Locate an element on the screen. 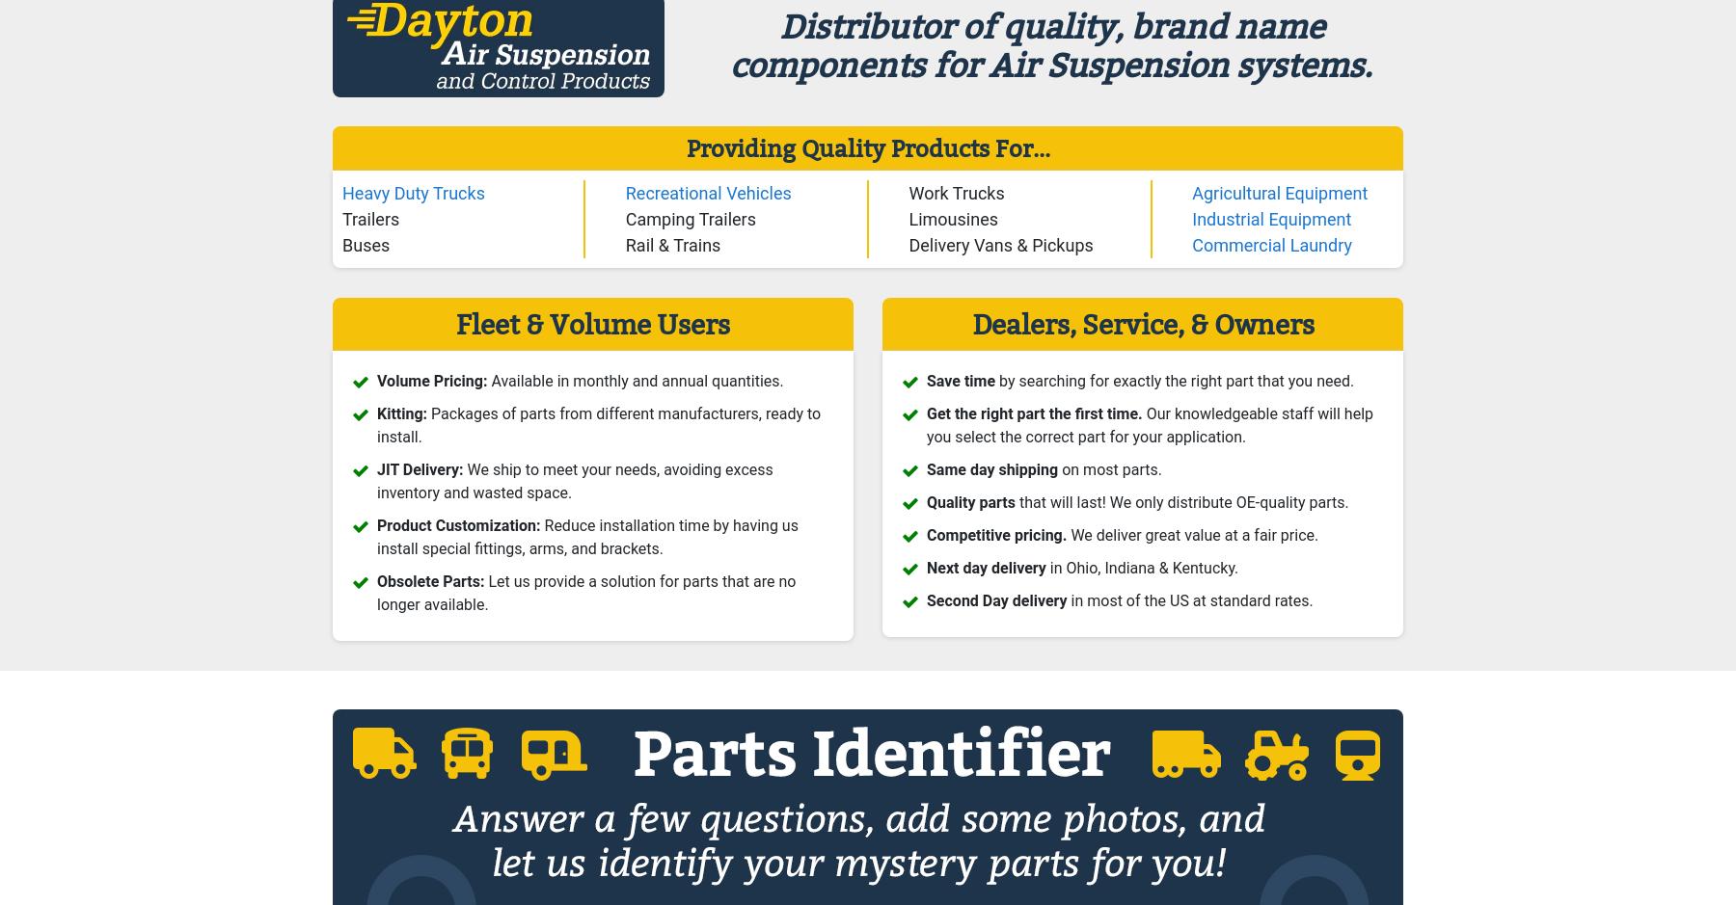 The height and width of the screenshot is (905, 1736). 'Agricultural Equipment' is located at coordinates (1279, 191).